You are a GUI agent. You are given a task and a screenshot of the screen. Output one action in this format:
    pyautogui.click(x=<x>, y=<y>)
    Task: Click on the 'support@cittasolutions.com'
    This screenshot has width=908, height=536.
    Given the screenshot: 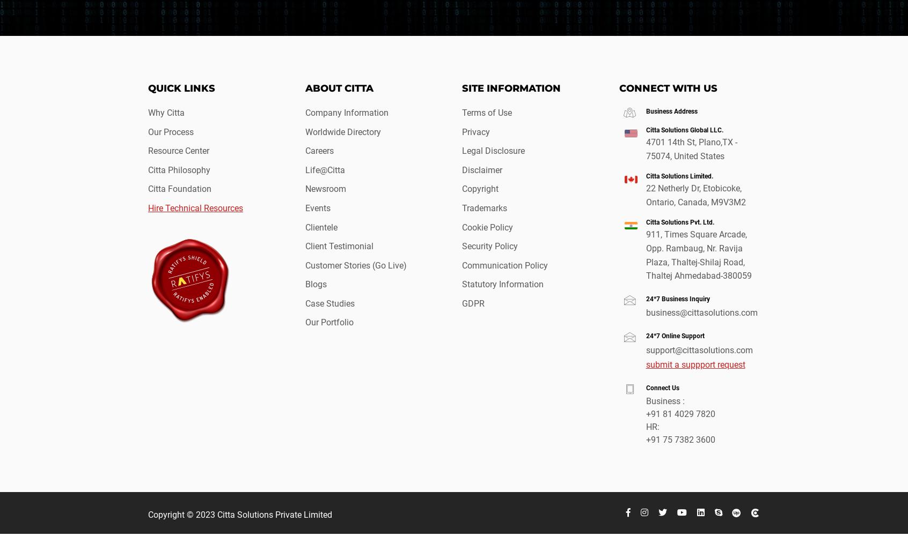 What is the action you would take?
    pyautogui.click(x=646, y=349)
    